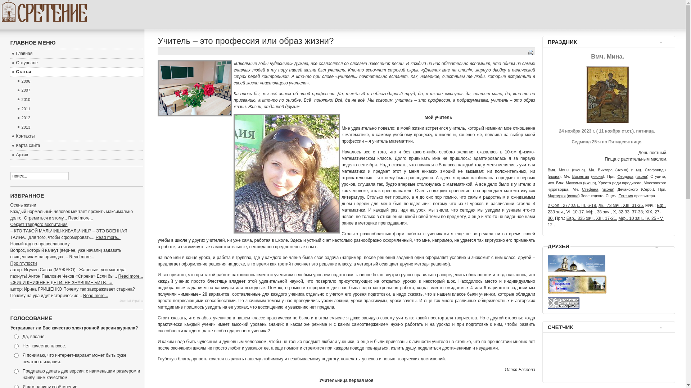 The width and height of the screenshot is (691, 388). Describe the element at coordinates (130, 276) in the screenshot. I see `'Read more...'` at that location.